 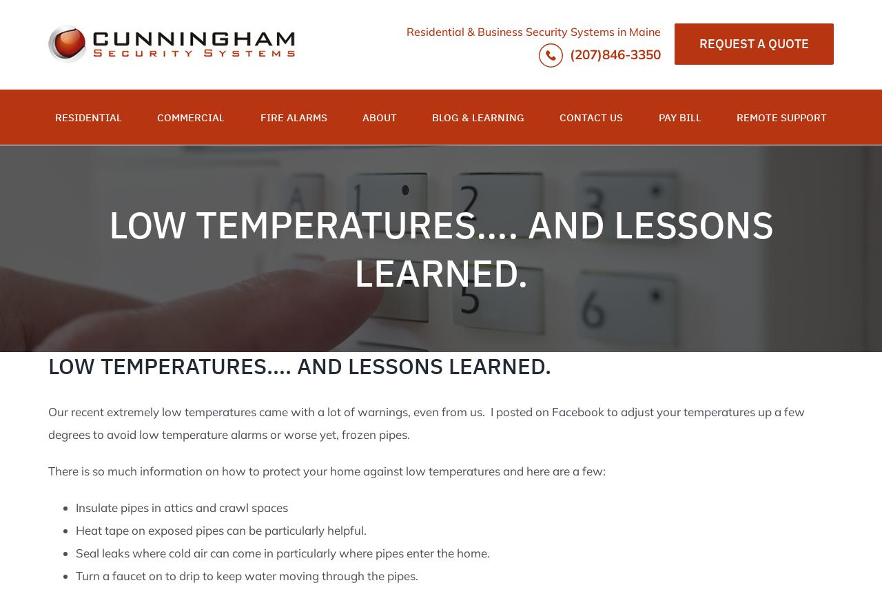 I want to click on '(207)846-3350', so click(x=613, y=54).